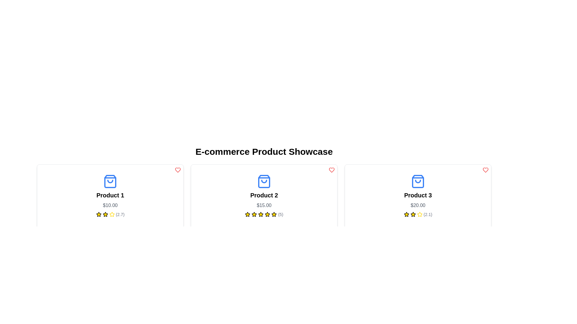 This screenshot has width=577, height=324. I want to click on product title displayed as 'Product 3', which is bold, large, and centrally aligned within its product card, located directly below the product image and above the price text, so click(418, 195).